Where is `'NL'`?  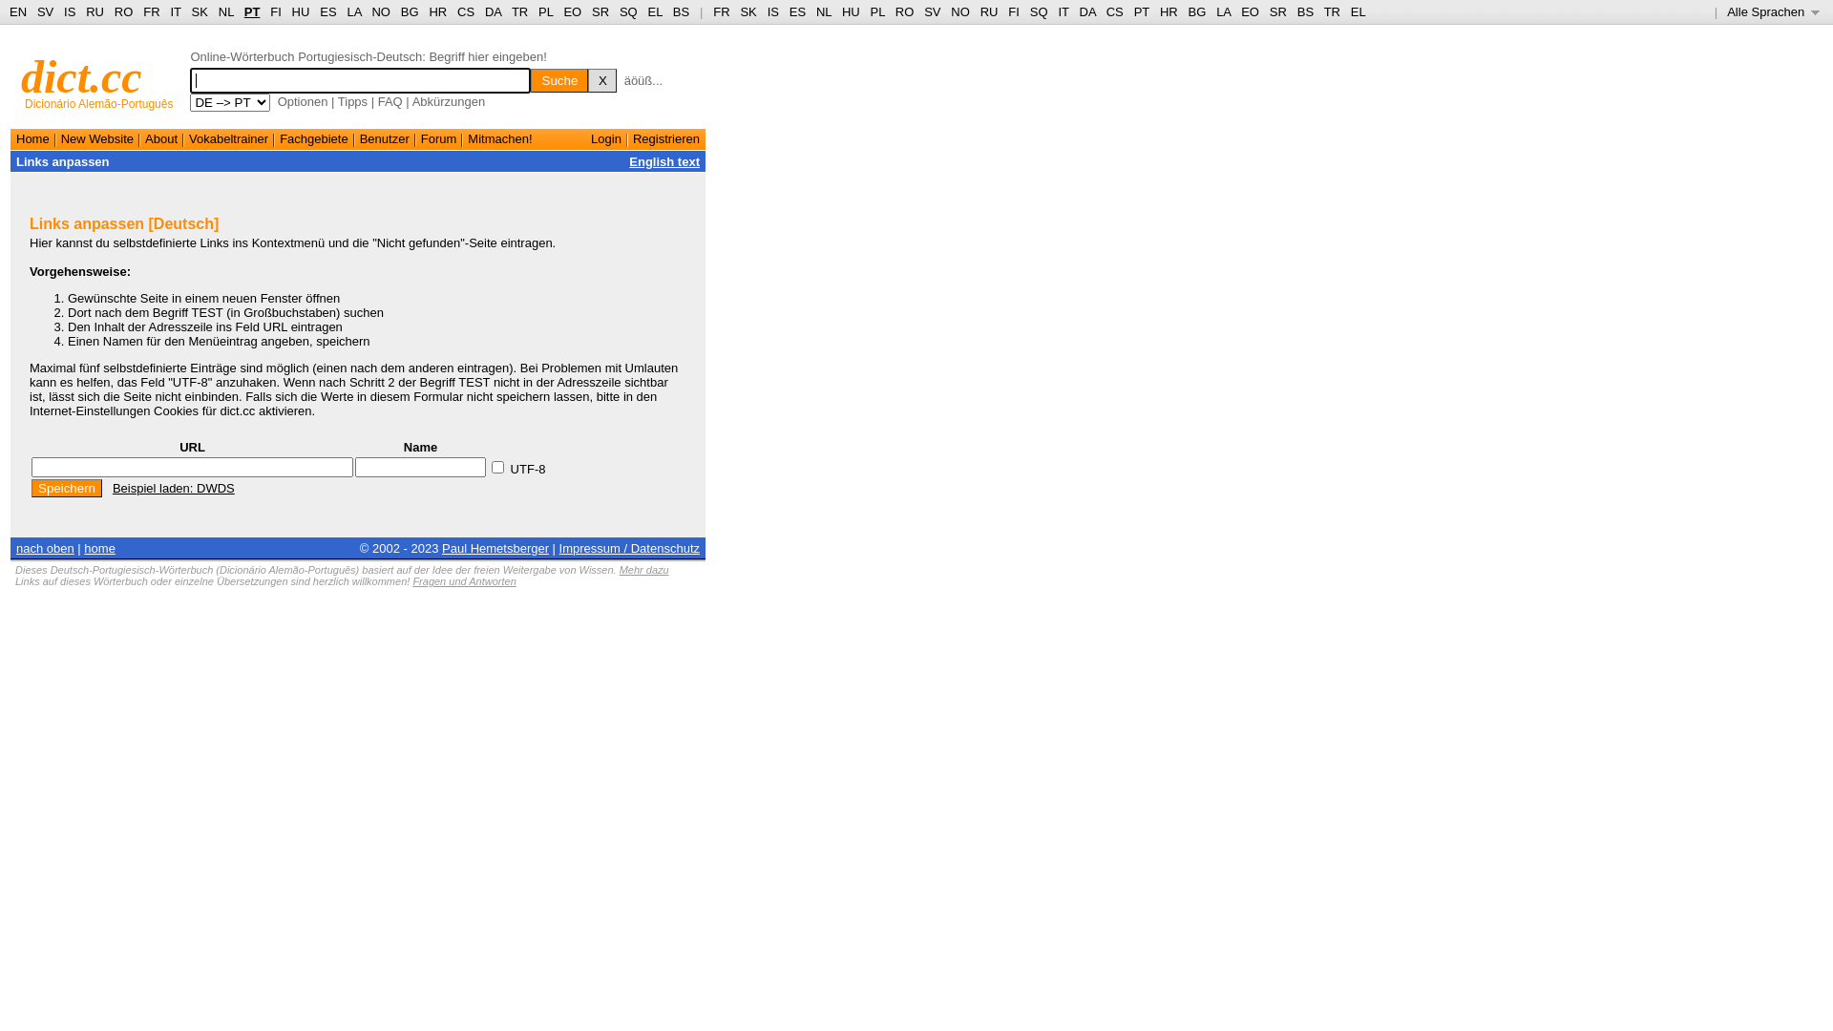 'NL' is located at coordinates (225, 11).